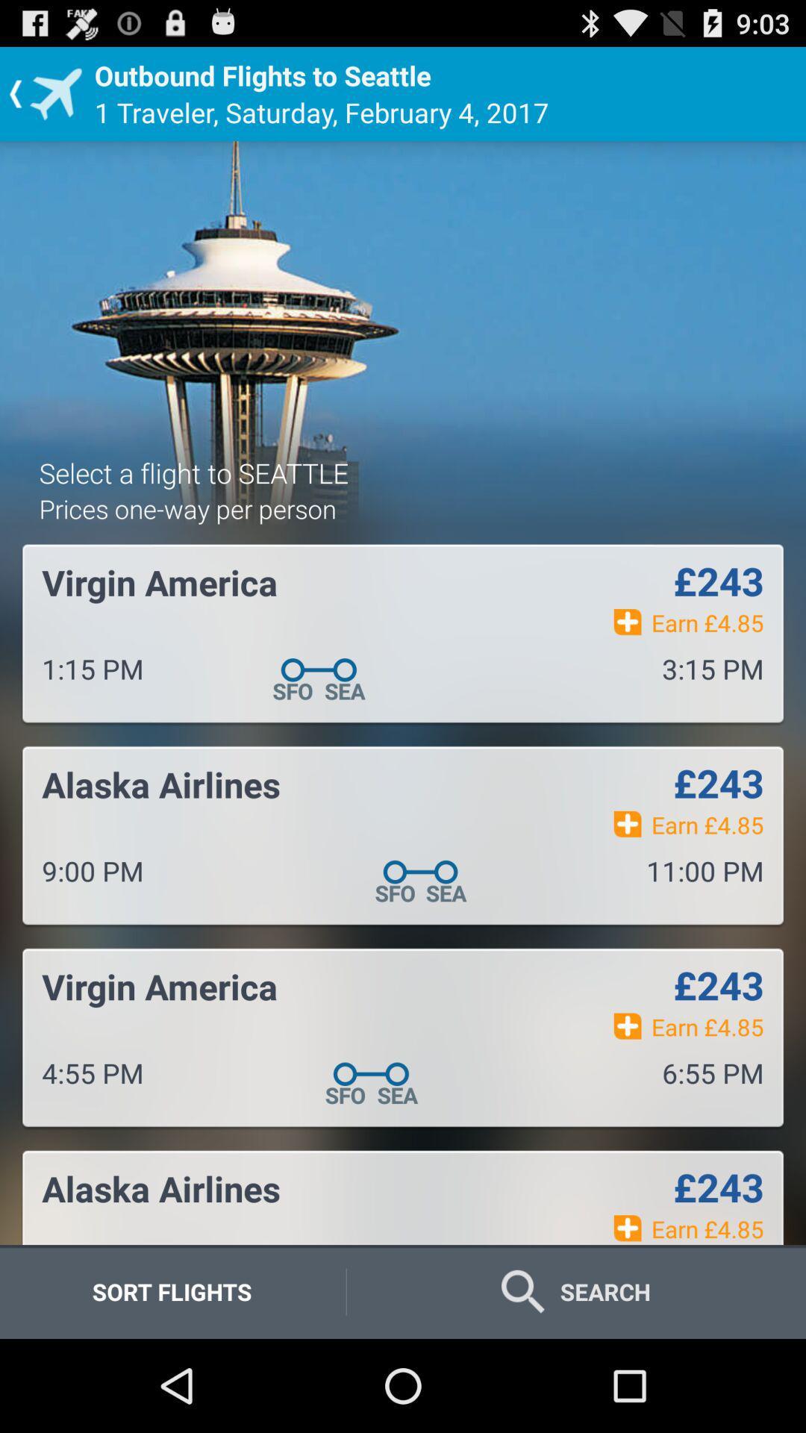 This screenshot has height=1433, width=806. I want to click on app below alaska airlines app, so click(171, 1291).